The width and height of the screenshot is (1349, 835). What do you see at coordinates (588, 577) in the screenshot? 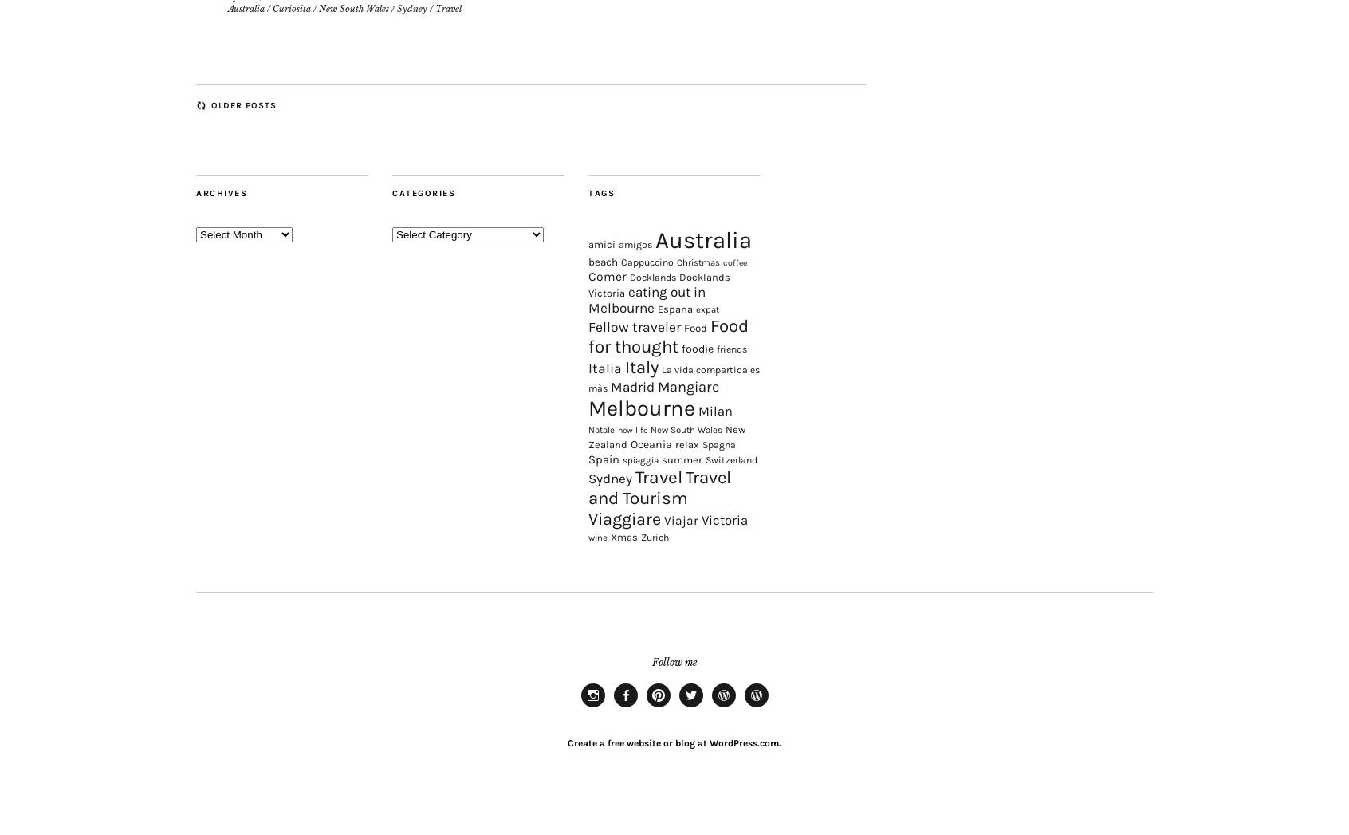
I see `'wine'` at bounding box center [588, 577].